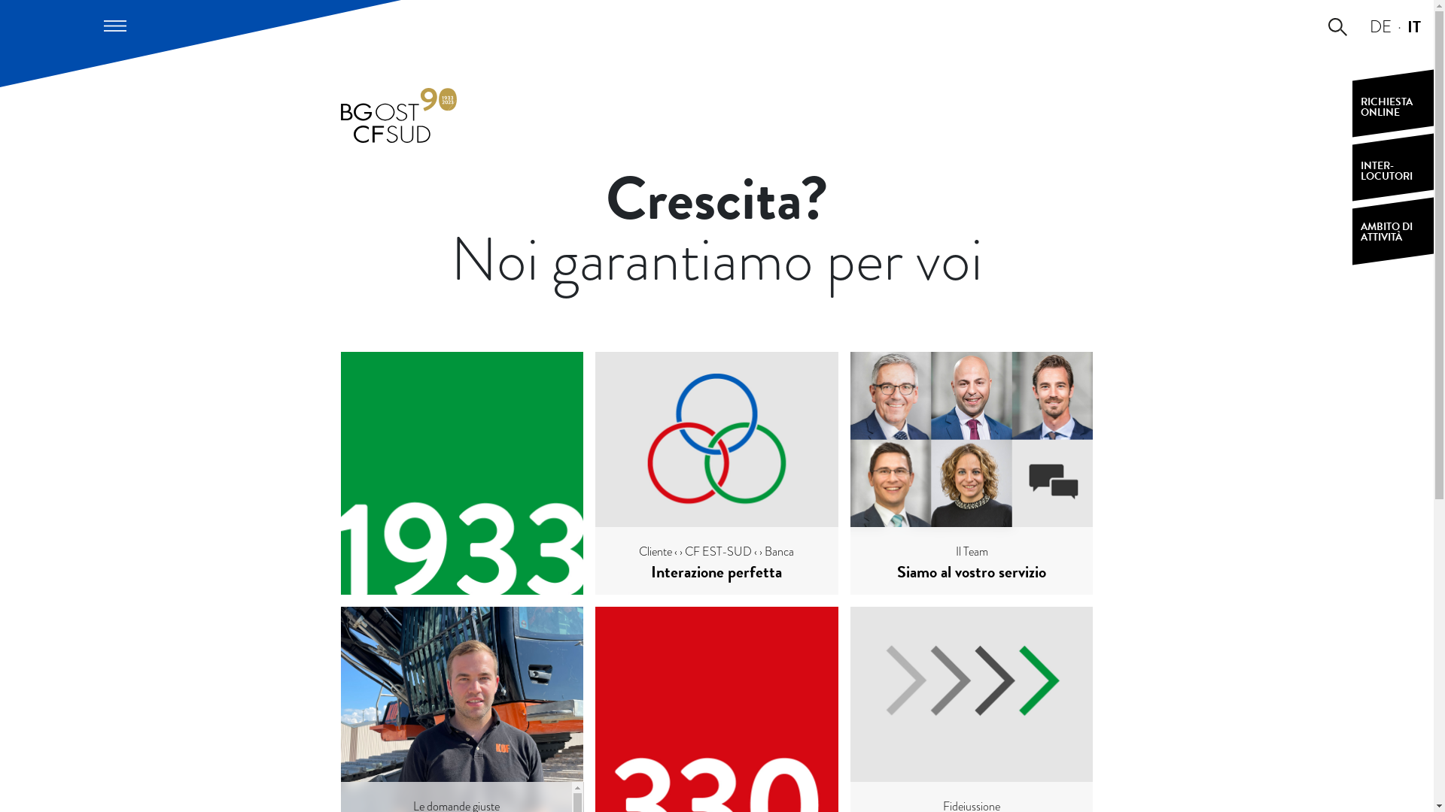 This screenshot has width=1445, height=812. What do you see at coordinates (972, 472) in the screenshot?
I see `'Il Team` at bounding box center [972, 472].